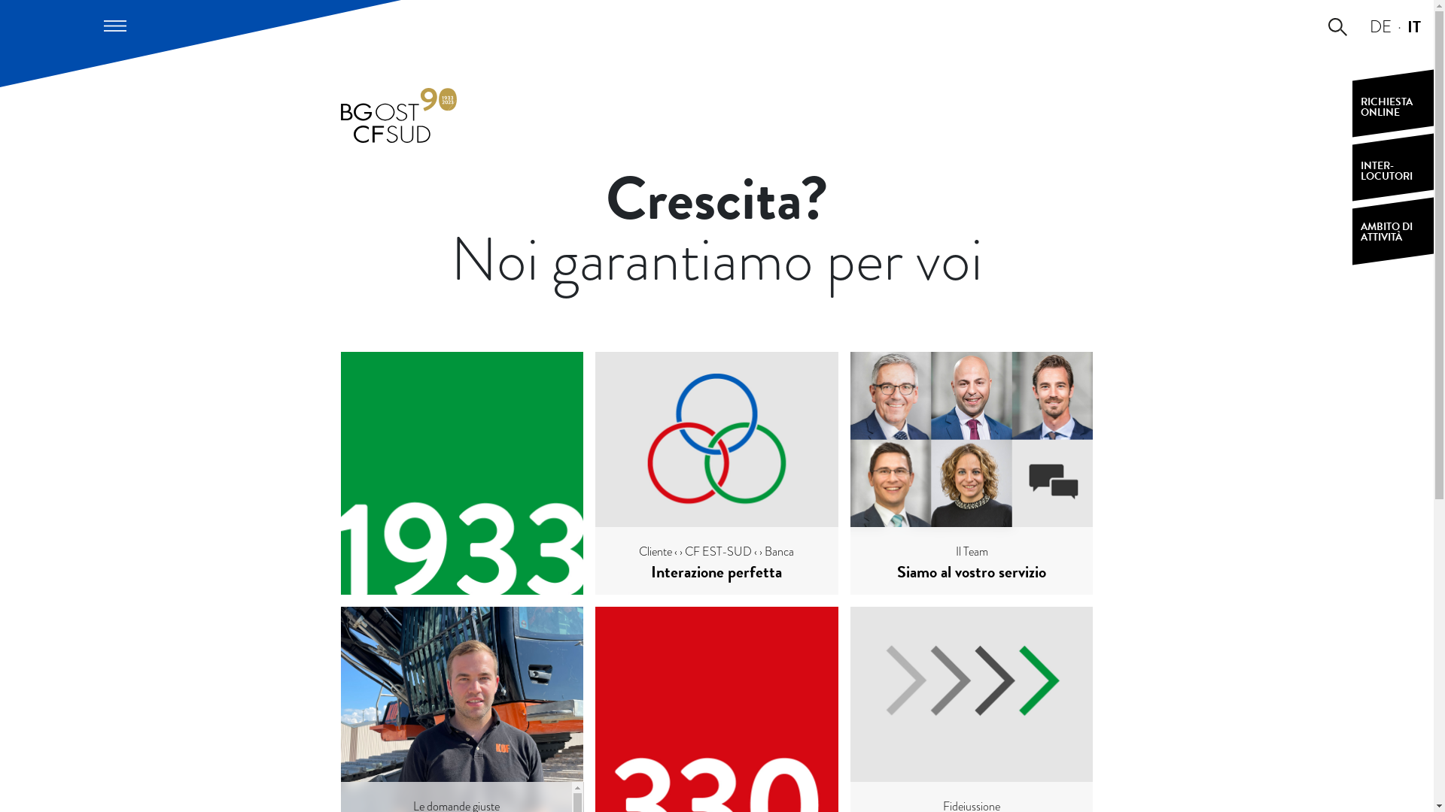 This screenshot has width=1445, height=812. What do you see at coordinates (972, 472) in the screenshot?
I see `'Il Team` at bounding box center [972, 472].